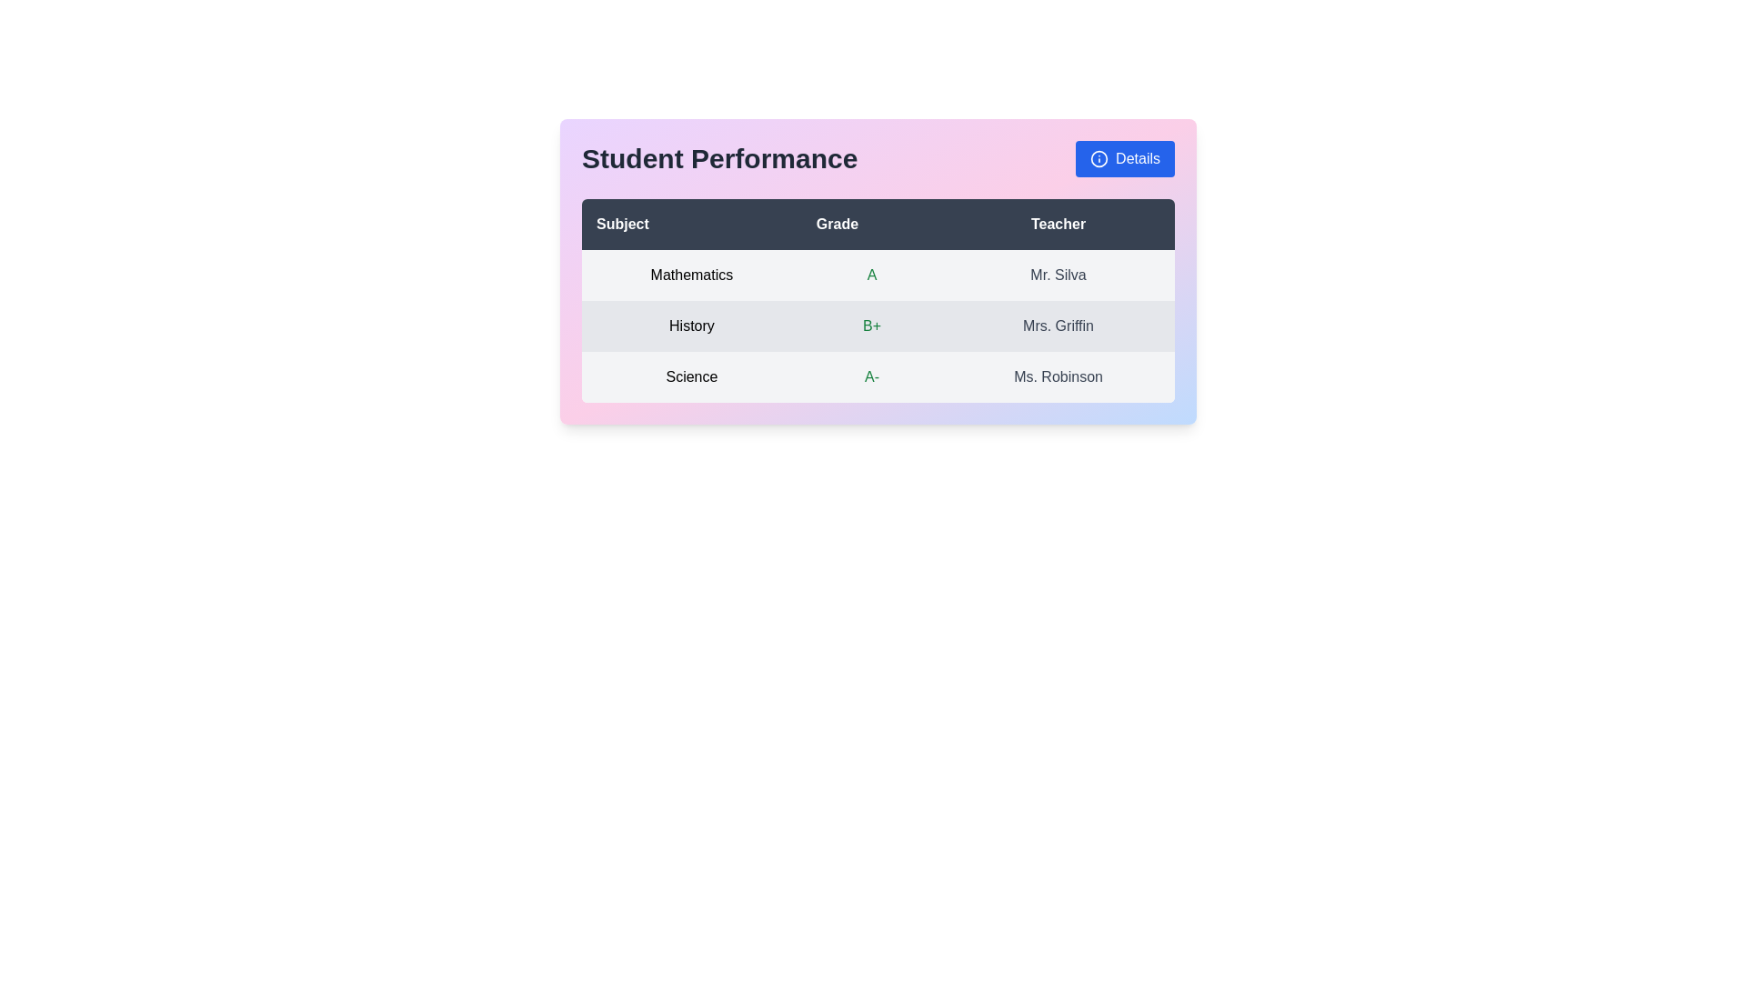 Image resolution: width=1746 pixels, height=982 pixels. I want to click on the table row displaying academic information for the subject 'History', which is located in the second row under the 'Student Performance' section, so click(878, 325).